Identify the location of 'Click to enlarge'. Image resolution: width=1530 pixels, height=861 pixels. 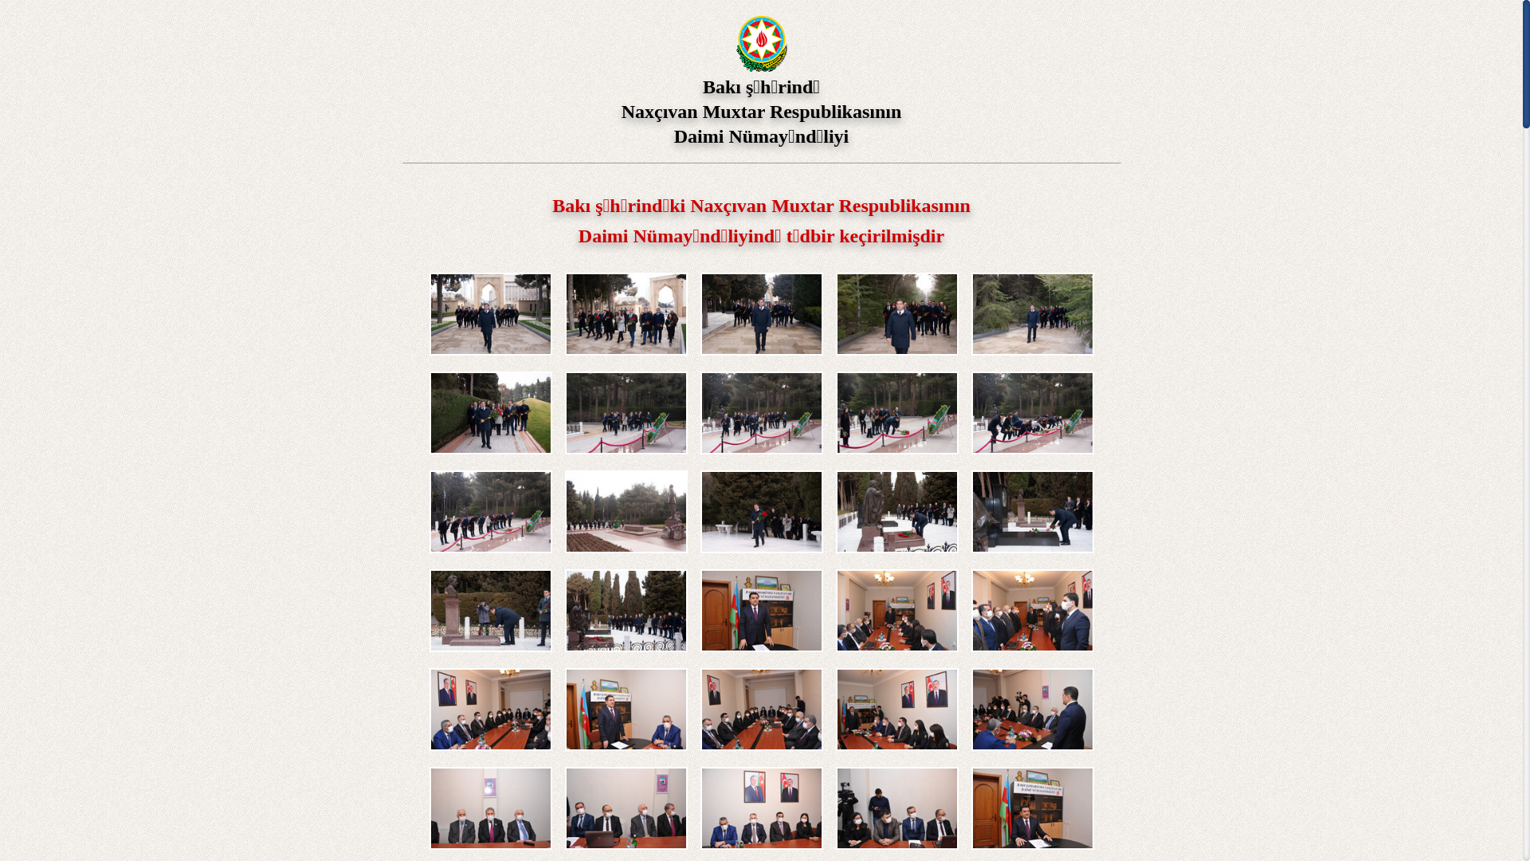
(760, 808).